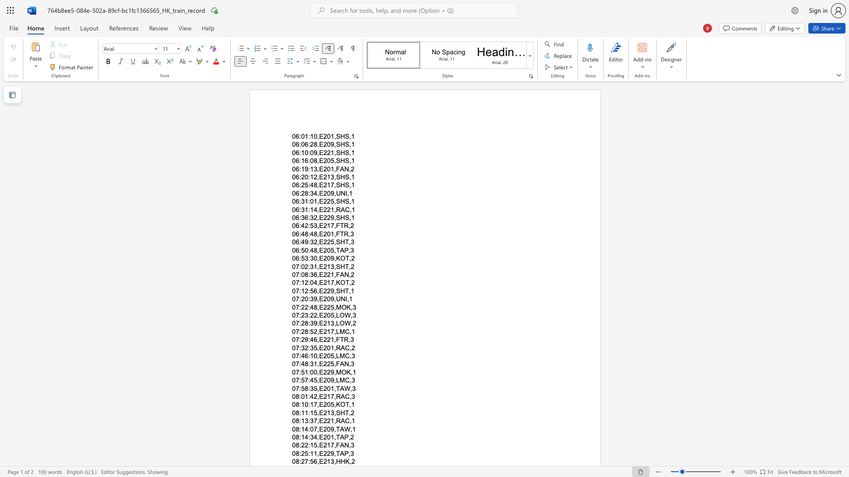  I want to click on the space between the continuous character "," and "R" in the text, so click(336, 396).